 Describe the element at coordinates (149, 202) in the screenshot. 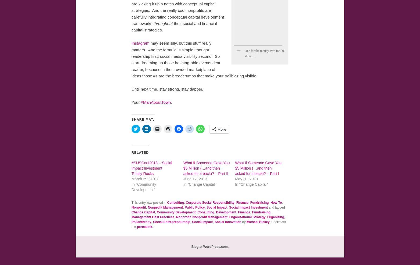

I see `'This entry was posted in'` at that location.